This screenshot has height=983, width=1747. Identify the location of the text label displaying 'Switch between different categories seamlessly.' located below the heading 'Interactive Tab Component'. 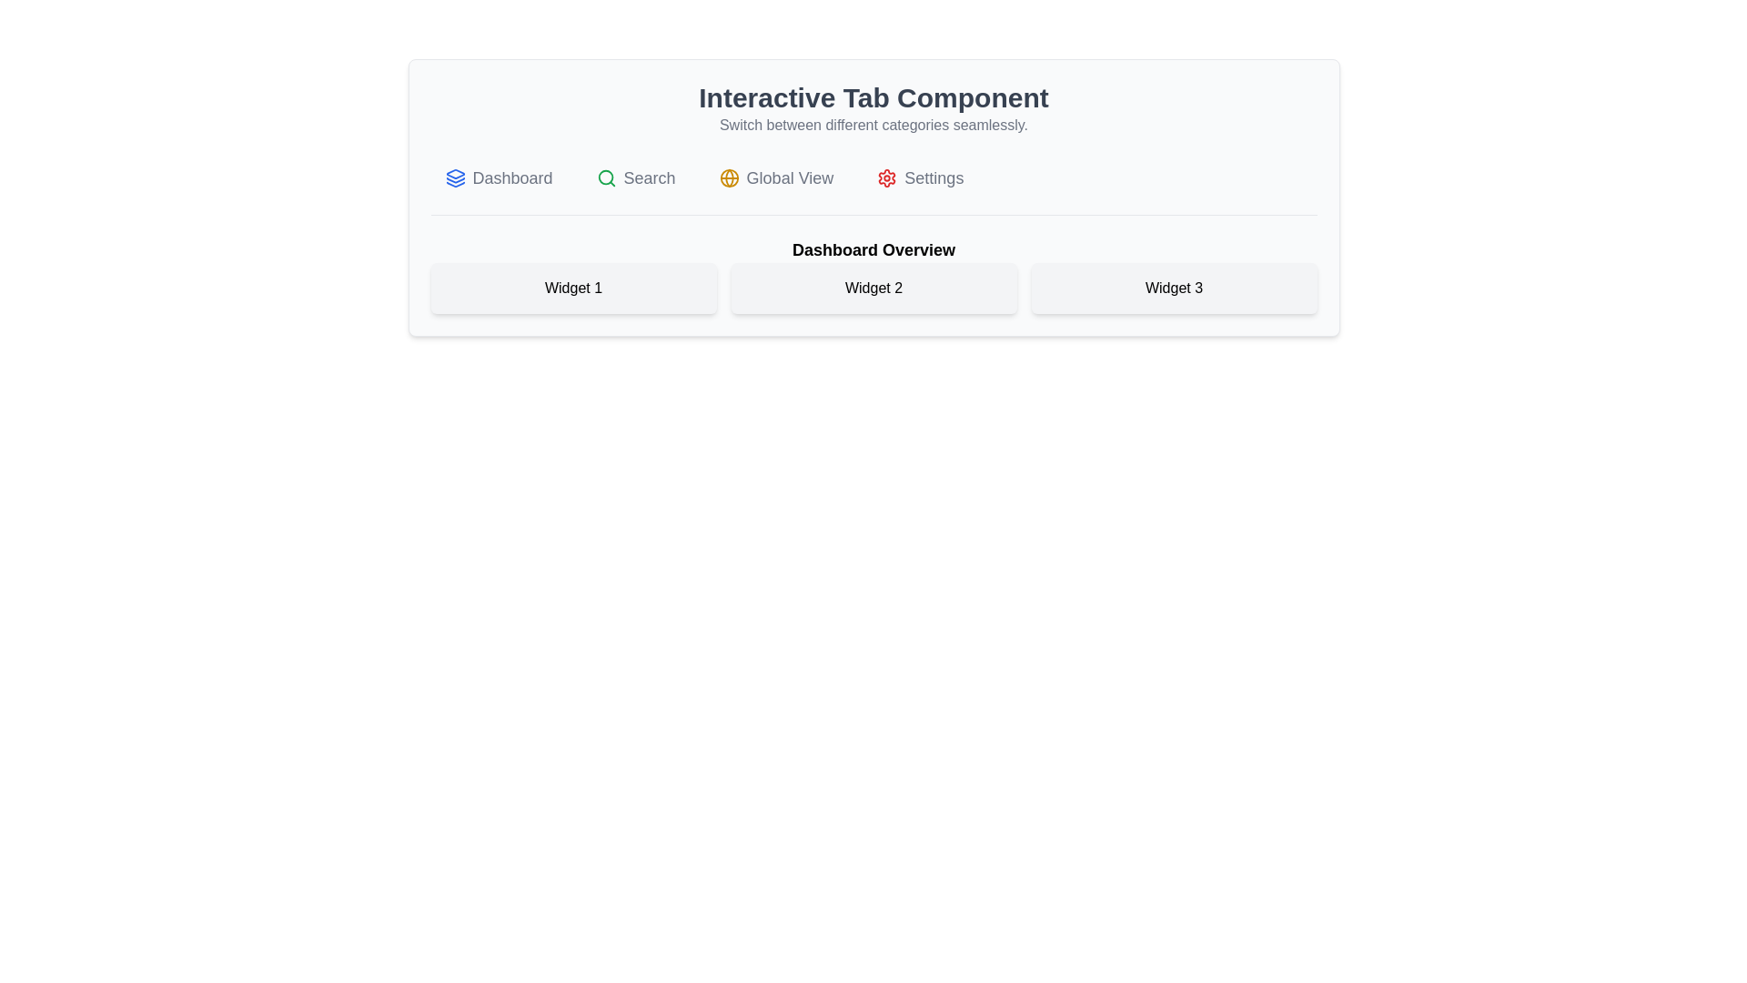
(873, 125).